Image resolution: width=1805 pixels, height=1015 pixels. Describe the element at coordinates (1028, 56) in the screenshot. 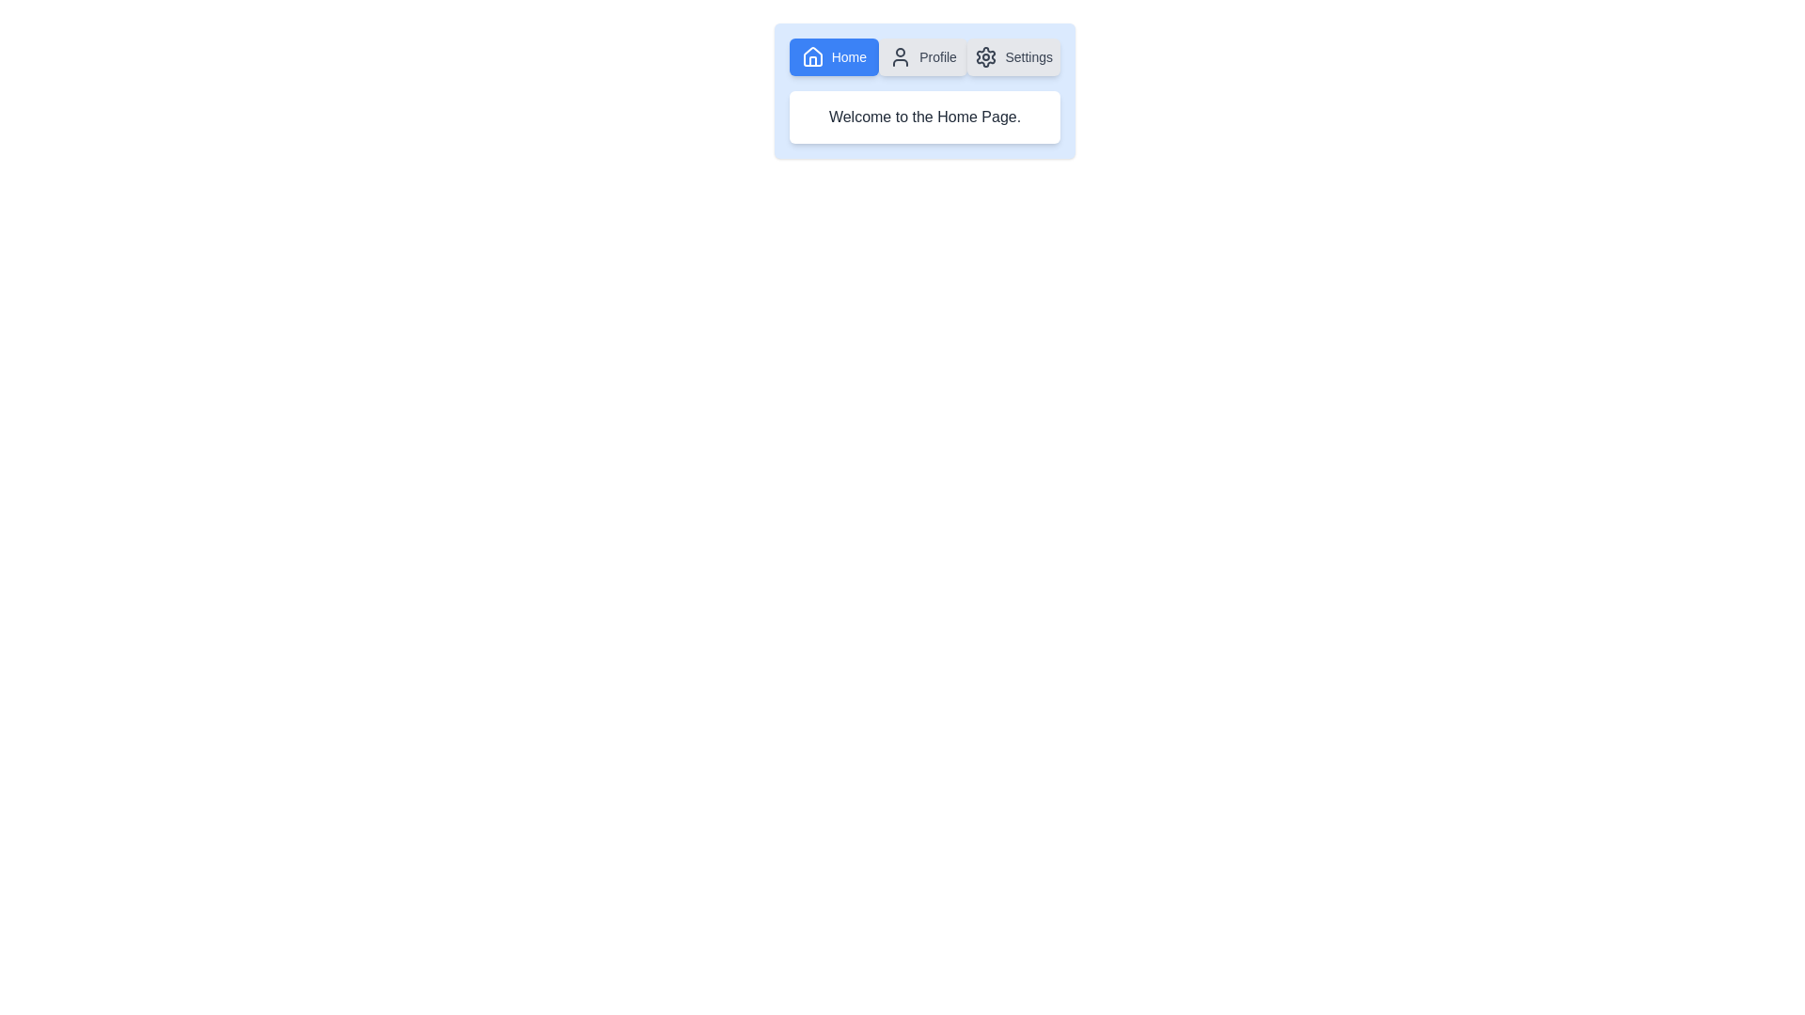

I see `the 'Settings' text label, which is the last element in the horizontal navigation bar used for accessing settings-related options` at that location.